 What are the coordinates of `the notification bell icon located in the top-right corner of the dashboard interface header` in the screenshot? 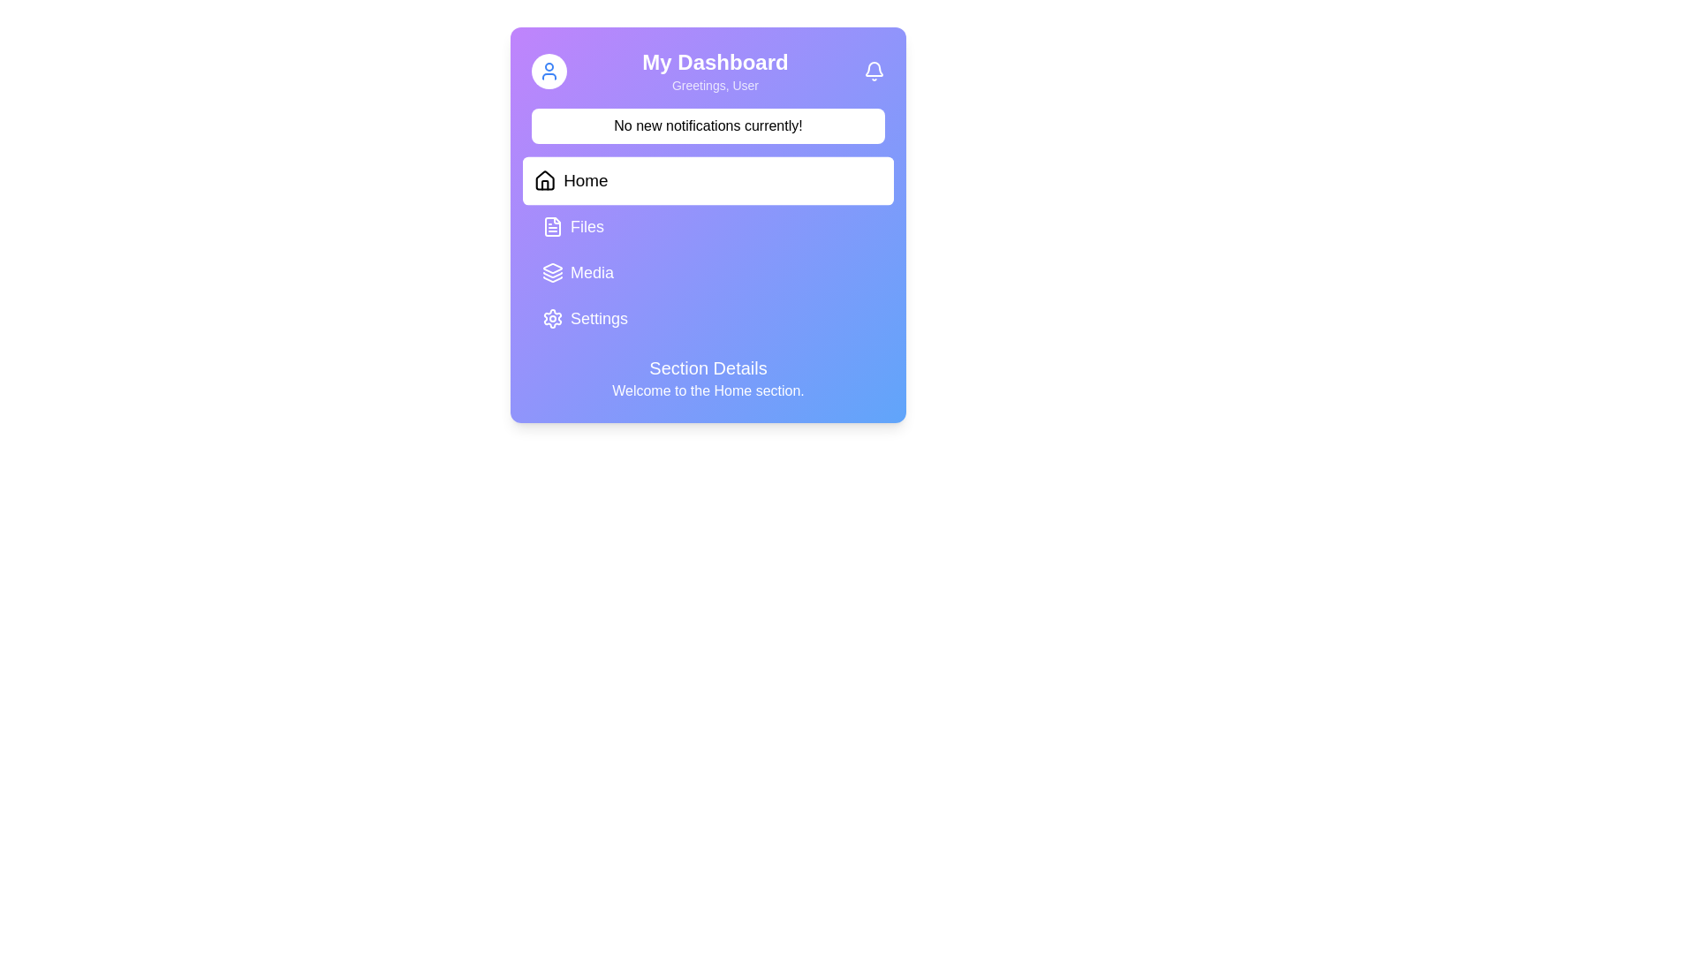 It's located at (874, 71).